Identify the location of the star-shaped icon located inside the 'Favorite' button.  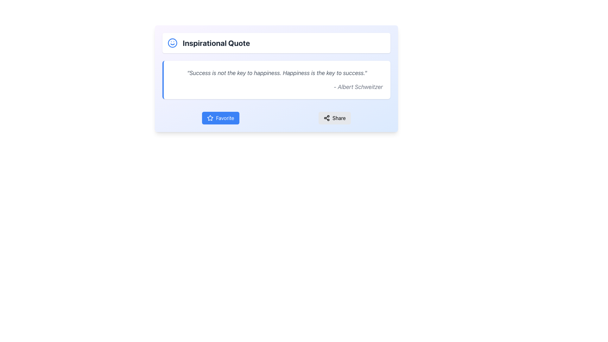
(210, 118).